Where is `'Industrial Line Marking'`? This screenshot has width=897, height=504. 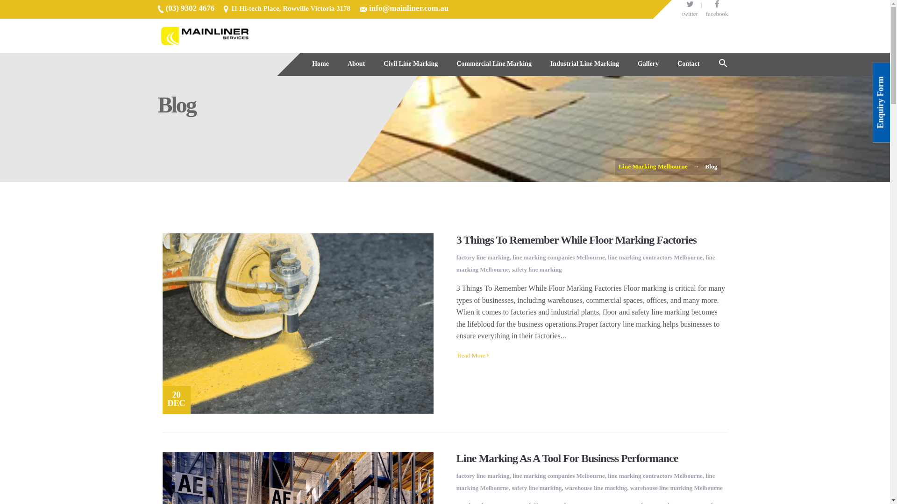 'Industrial Line Marking' is located at coordinates (584, 63).